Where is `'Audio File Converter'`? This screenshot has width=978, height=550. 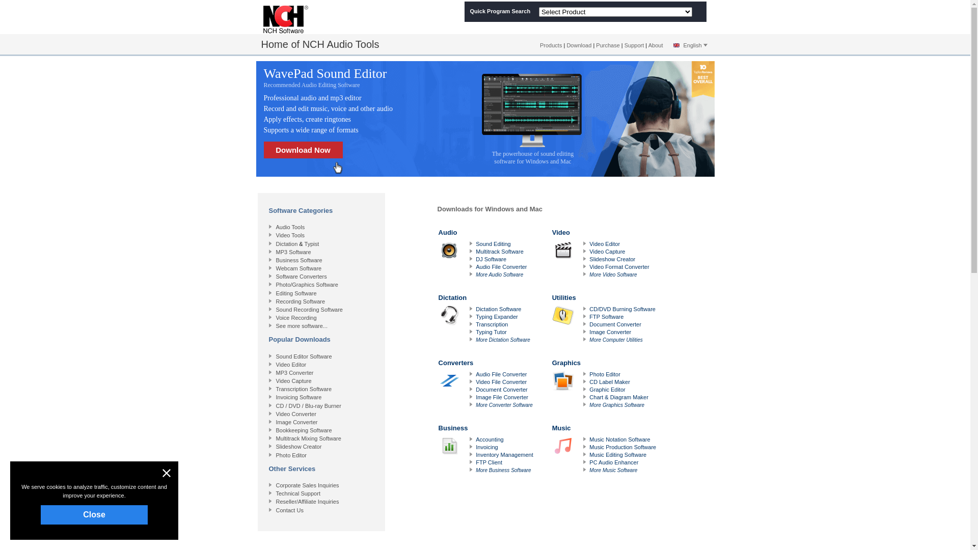 'Audio File Converter' is located at coordinates (475, 374).